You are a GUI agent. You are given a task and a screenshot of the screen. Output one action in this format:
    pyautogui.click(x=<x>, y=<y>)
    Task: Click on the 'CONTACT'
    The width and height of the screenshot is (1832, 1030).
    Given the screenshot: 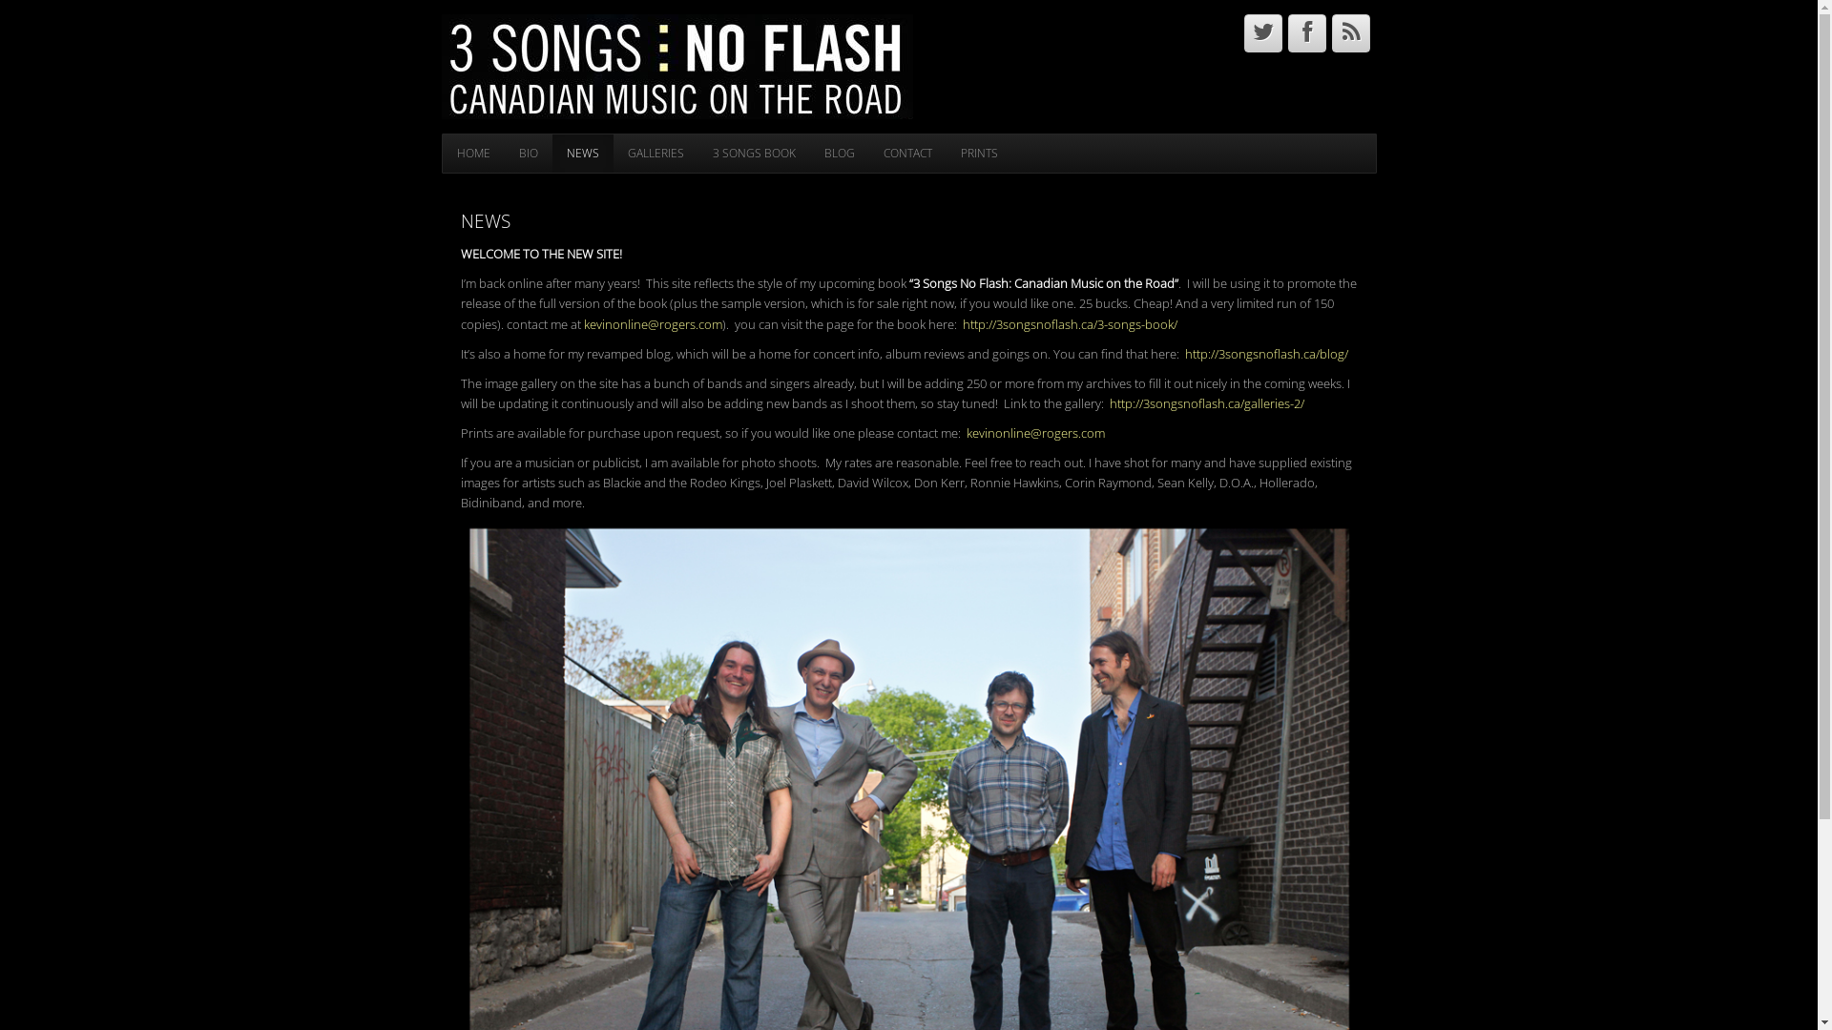 What is the action you would take?
    pyautogui.click(x=906, y=153)
    